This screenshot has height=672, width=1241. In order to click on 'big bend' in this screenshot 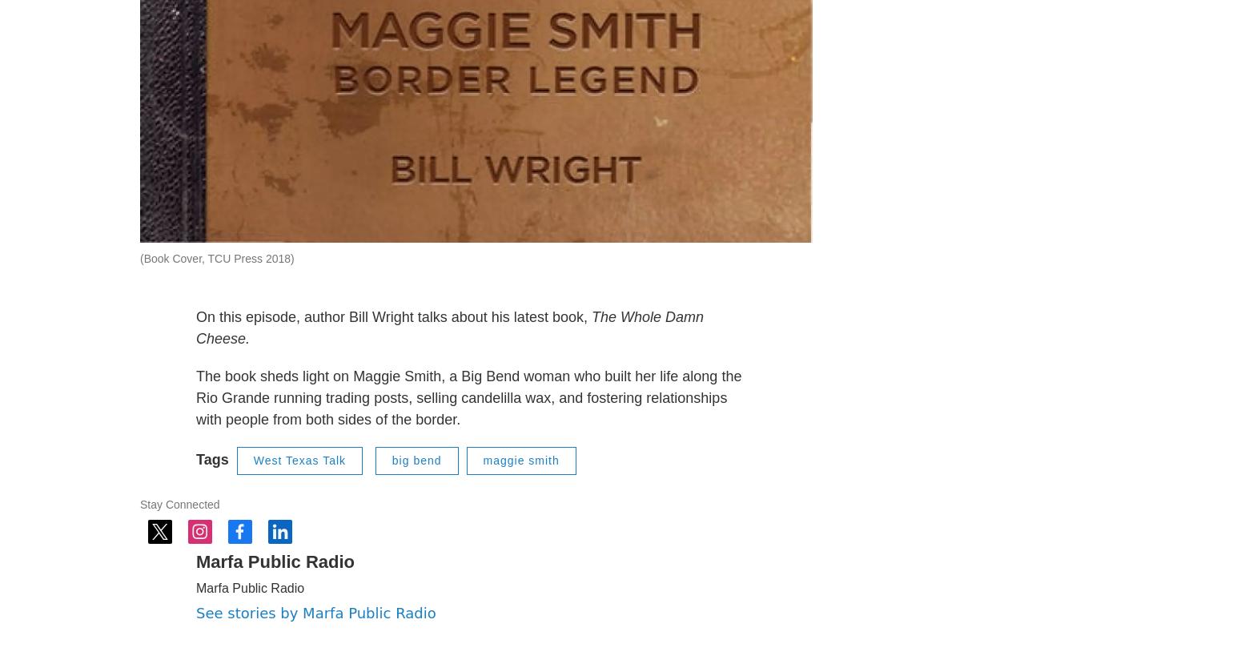, I will do `click(416, 499)`.